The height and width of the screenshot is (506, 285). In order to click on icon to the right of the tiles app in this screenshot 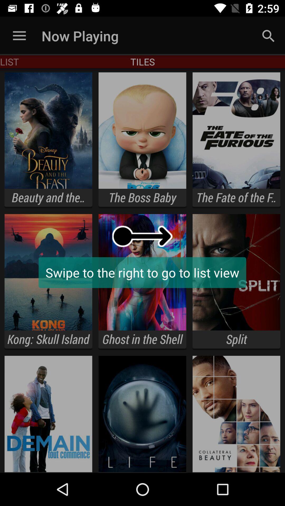, I will do `click(268, 36)`.